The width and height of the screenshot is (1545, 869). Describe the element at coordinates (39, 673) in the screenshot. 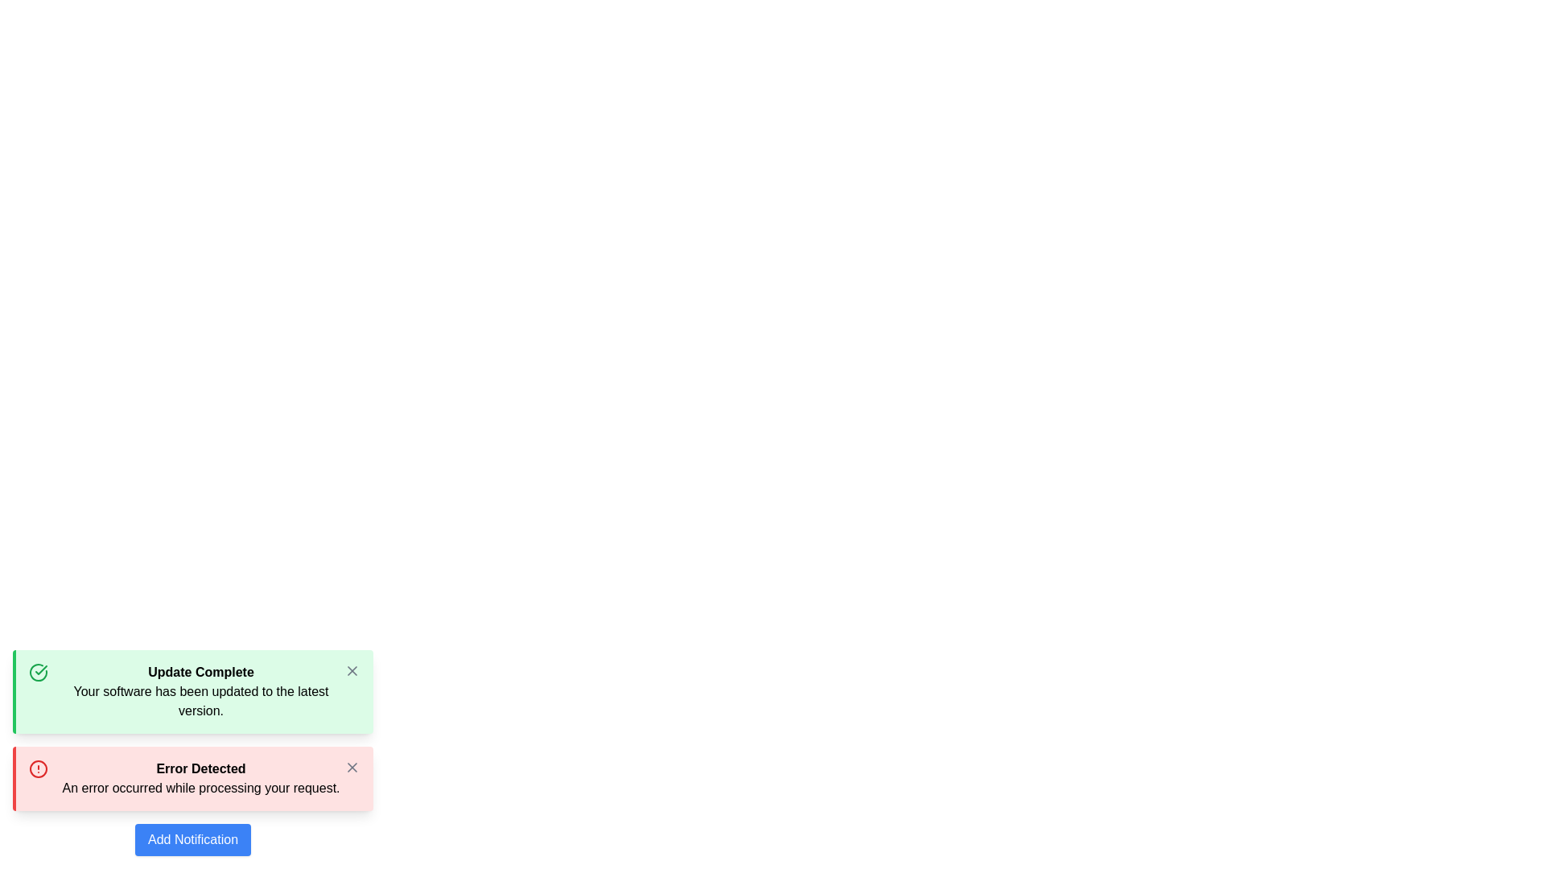

I see `the checkmark icon that indicates successful completion of the update process, located at the top-left corner of the green notification card` at that location.